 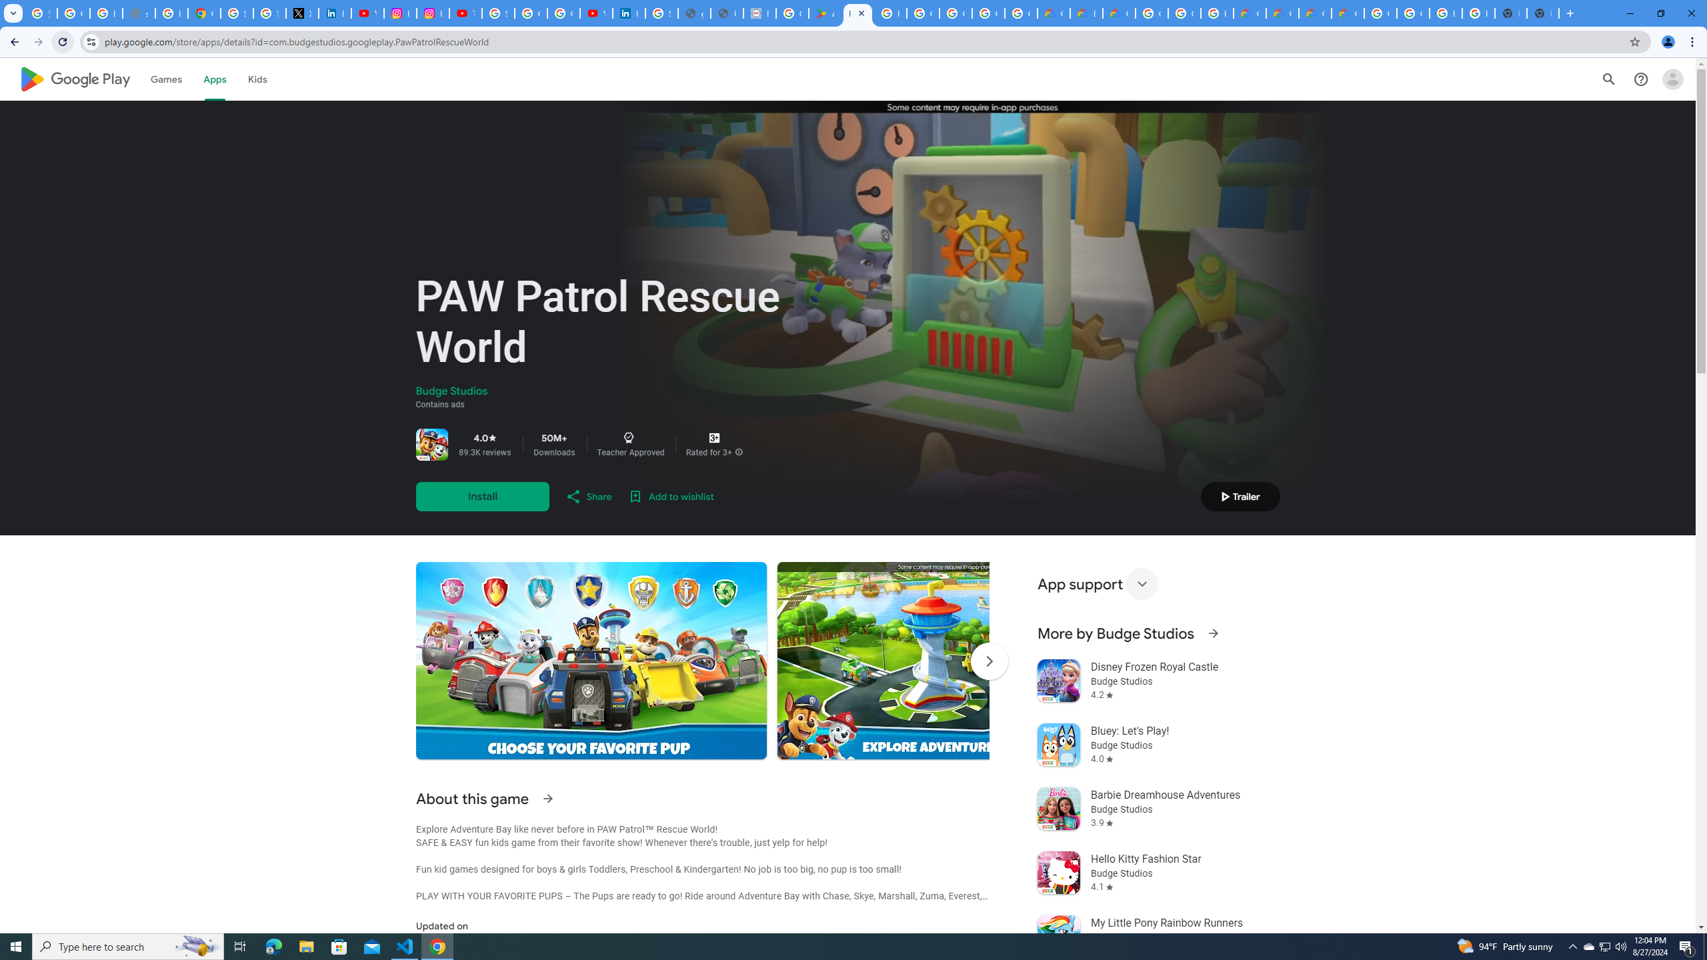 What do you see at coordinates (74, 79) in the screenshot?
I see `'Google Play logo'` at bounding box center [74, 79].